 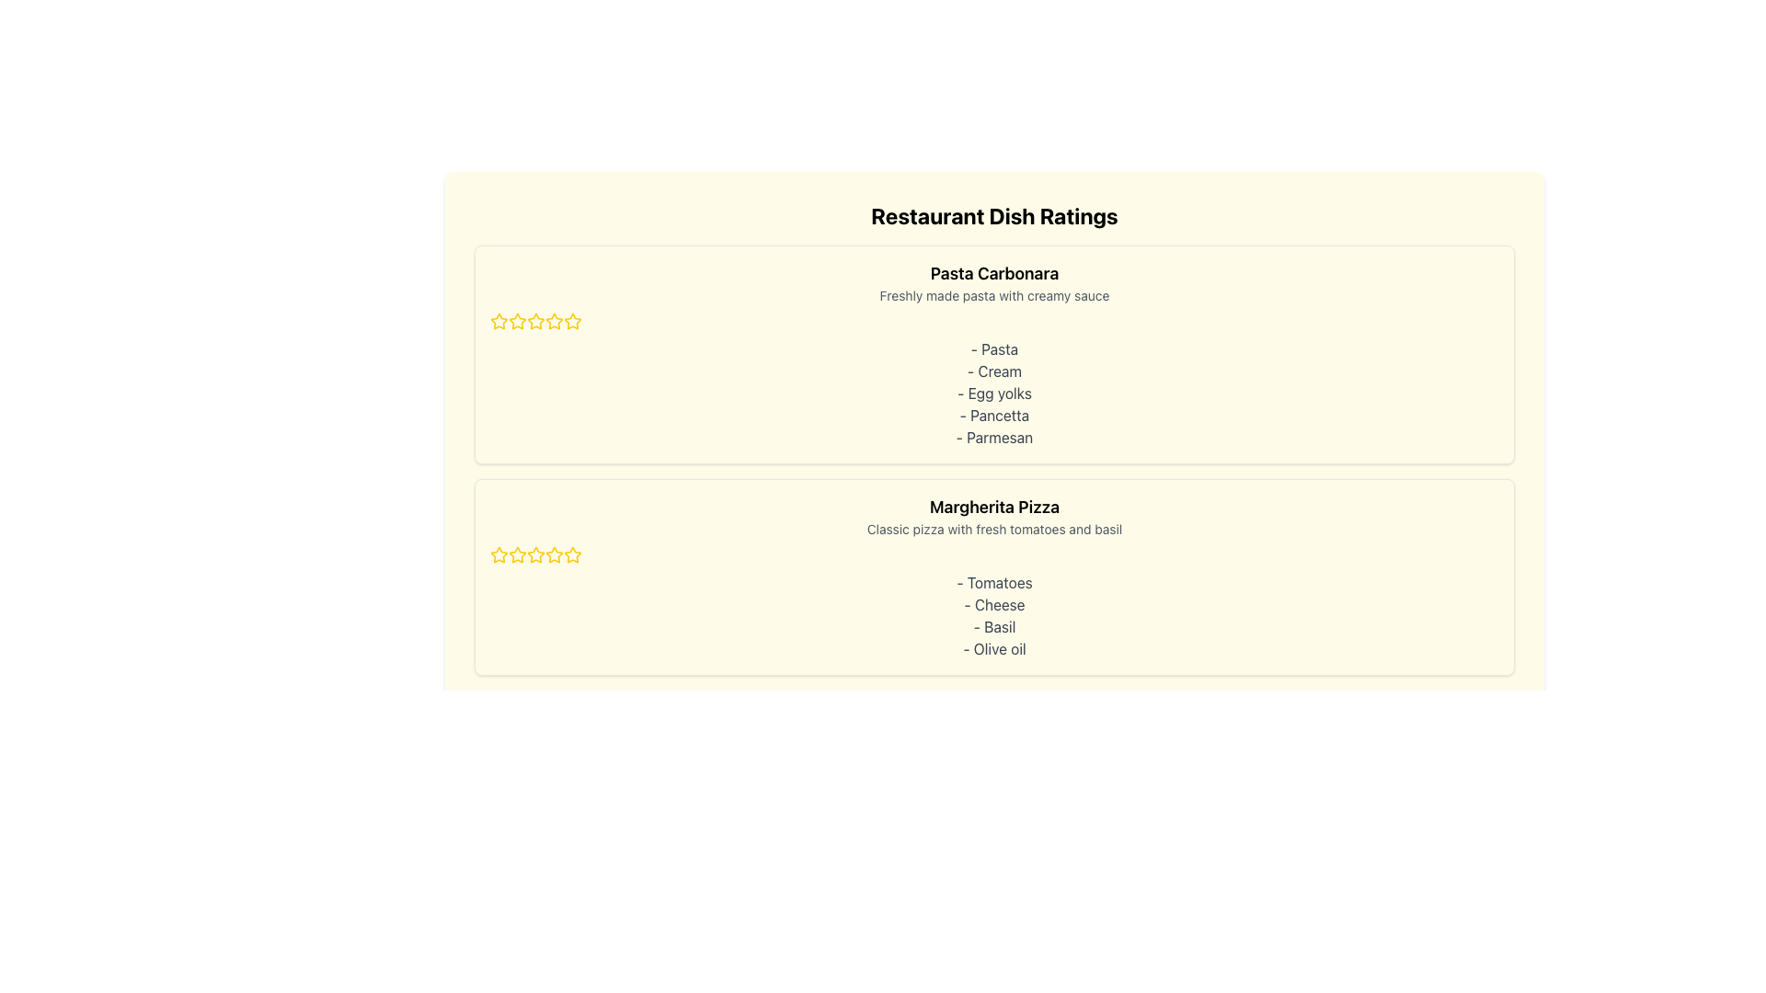 I want to click on the fifth yellow outlined star icon in the rating section of the 'Pasta Carbonara' card, so click(x=534, y=321).